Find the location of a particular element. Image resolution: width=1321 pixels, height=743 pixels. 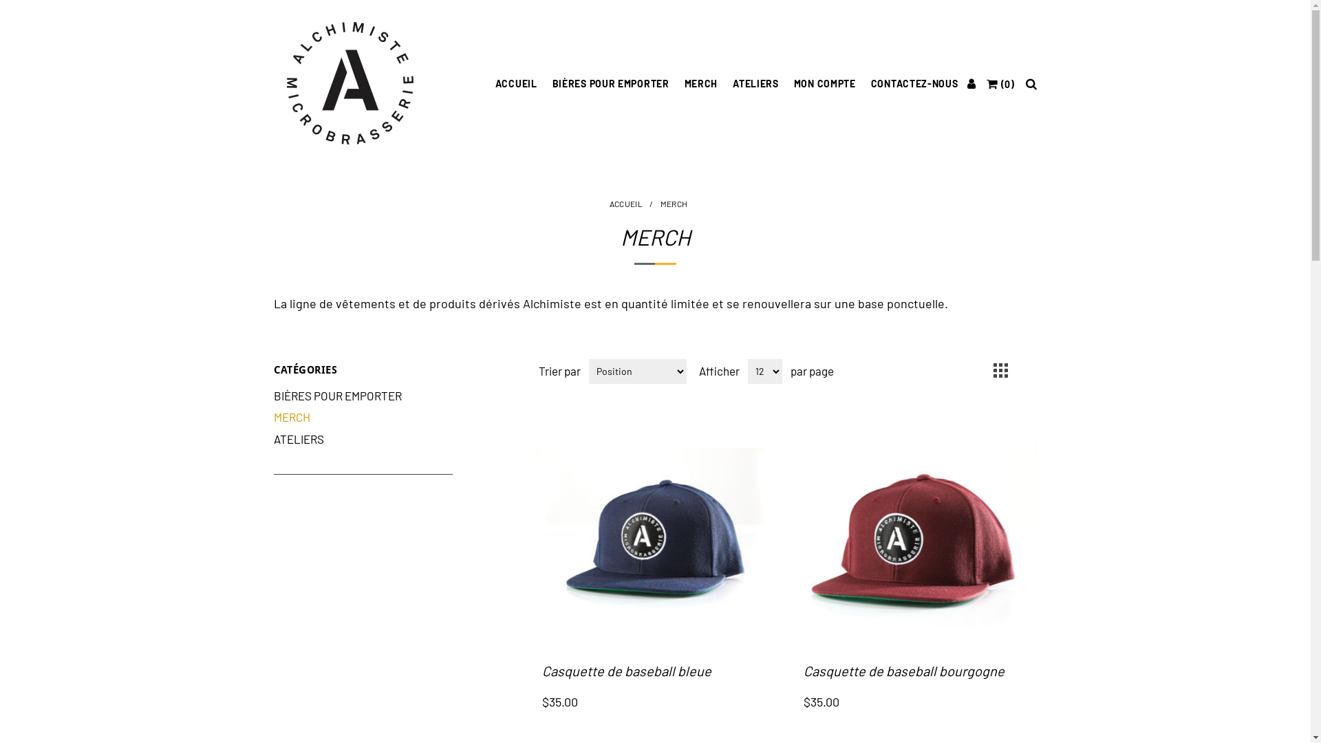

'MERCH' is located at coordinates (291, 416).